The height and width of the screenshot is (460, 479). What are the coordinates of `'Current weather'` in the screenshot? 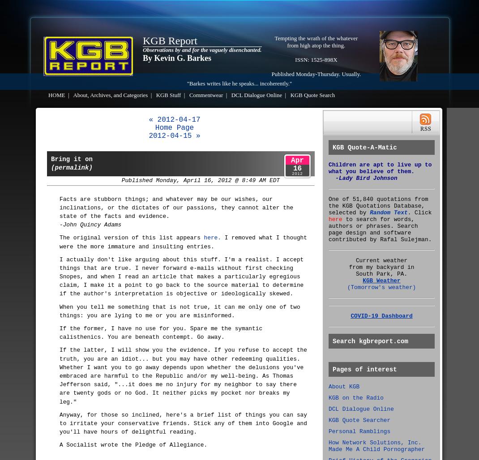 It's located at (355, 260).